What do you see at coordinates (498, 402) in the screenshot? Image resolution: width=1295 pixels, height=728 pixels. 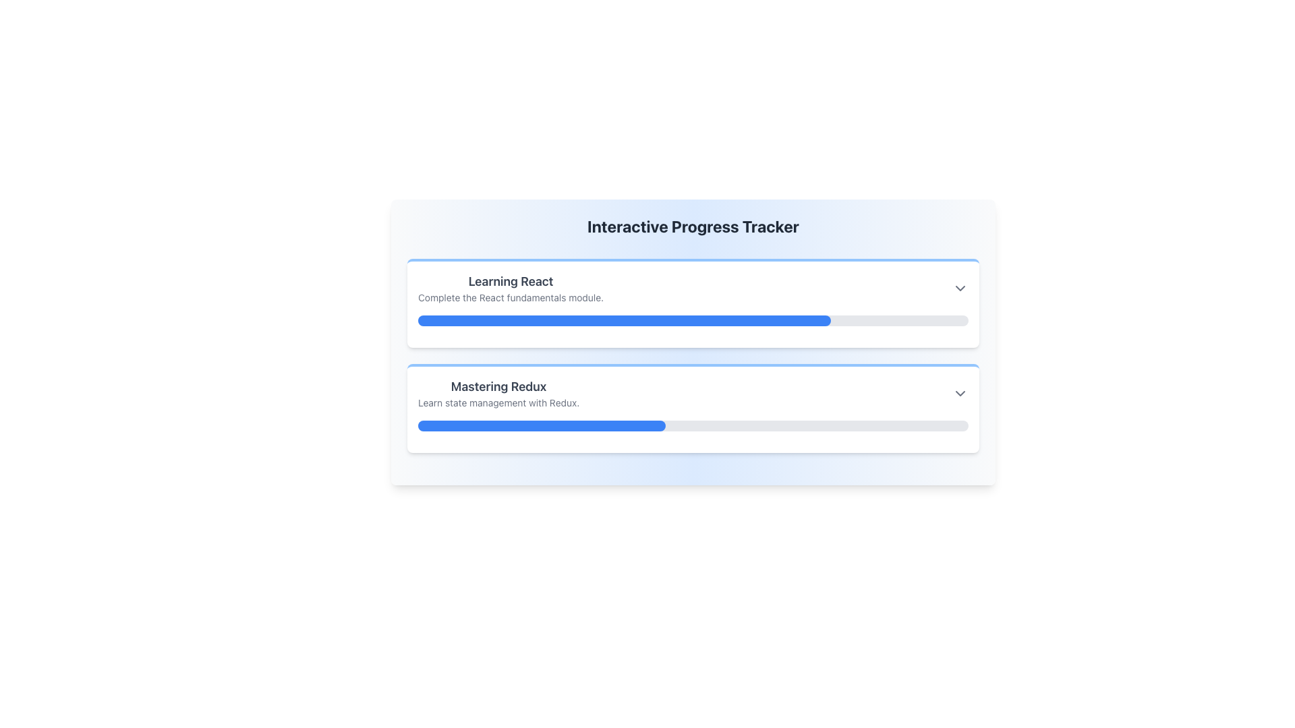 I see `the text label that reads 'Learn state management with Redux.' positioned below the bold header 'Mastering Redux.'` at bounding box center [498, 402].